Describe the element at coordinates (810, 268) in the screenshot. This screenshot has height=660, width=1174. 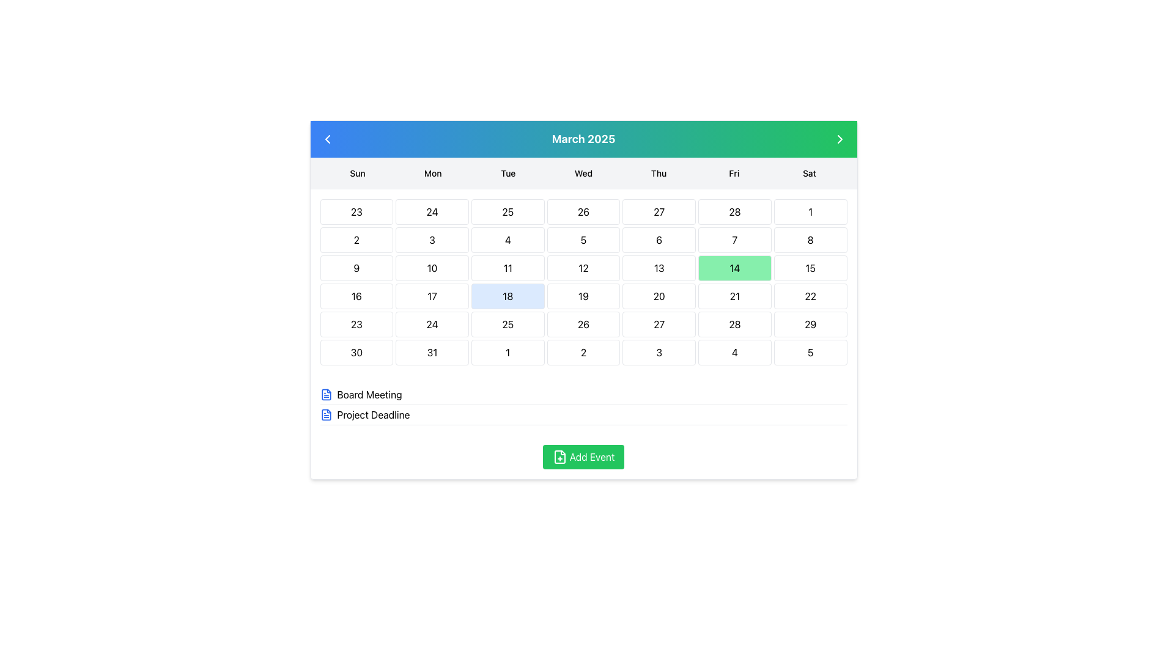
I see `the calendar day cell displaying the text '15' to identify the date` at that location.